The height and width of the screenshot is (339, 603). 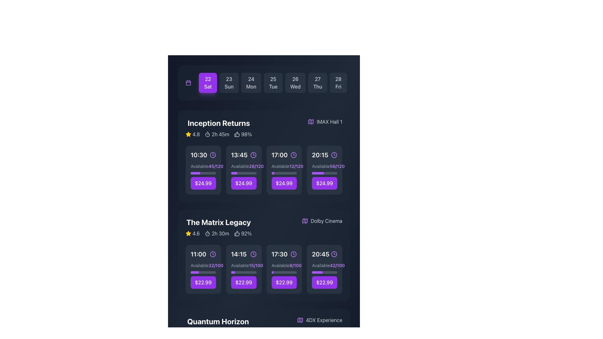 I want to click on the yellow star icon displaying a rating of '4.8' located in the top portion of the 'Inception Returns' movie section, before the runtime and approval percentage indicators, so click(x=192, y=134).